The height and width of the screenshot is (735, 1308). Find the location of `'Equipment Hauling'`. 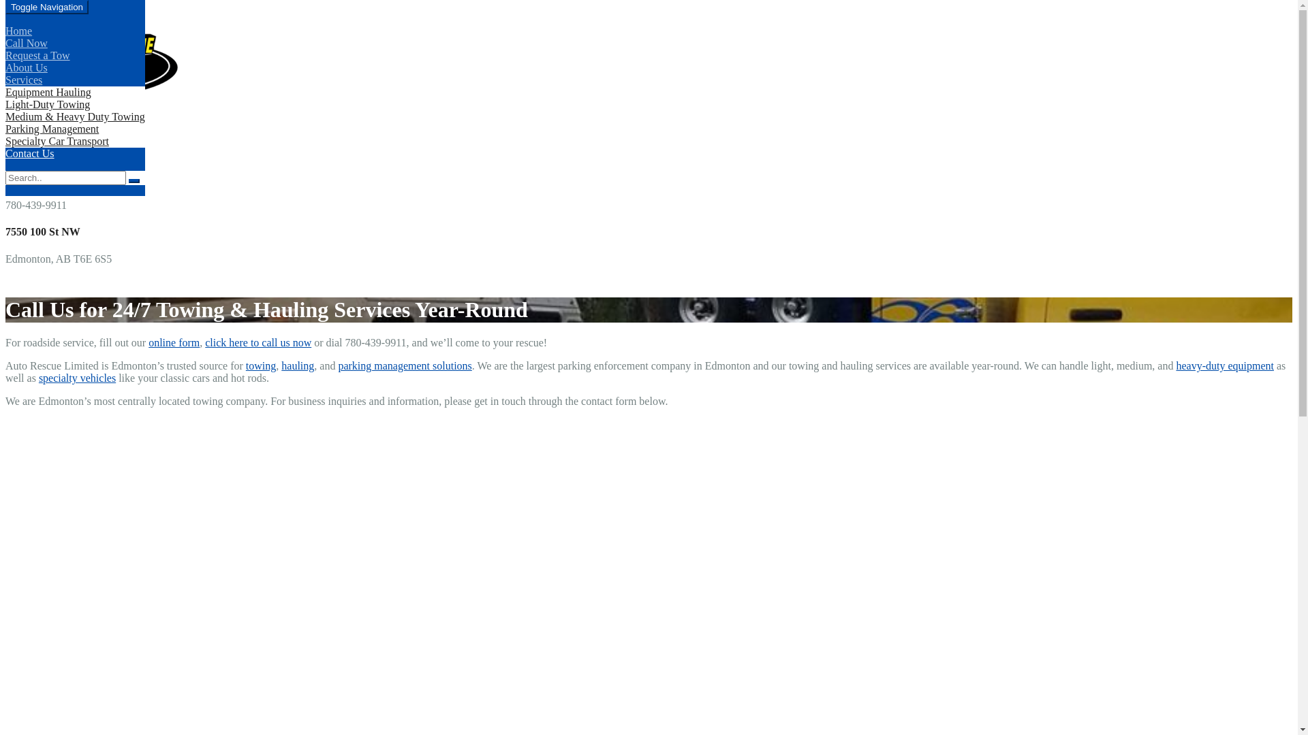

'Equipment Hauling' is located at coordinates (48, 92).